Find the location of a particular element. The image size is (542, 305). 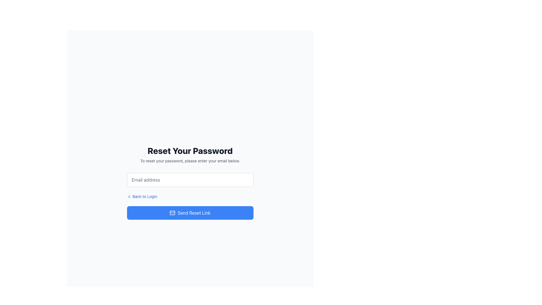

the hyperlink located near the bottom left corner of the form, directly below the email input field is located at coordinates (142, 196).